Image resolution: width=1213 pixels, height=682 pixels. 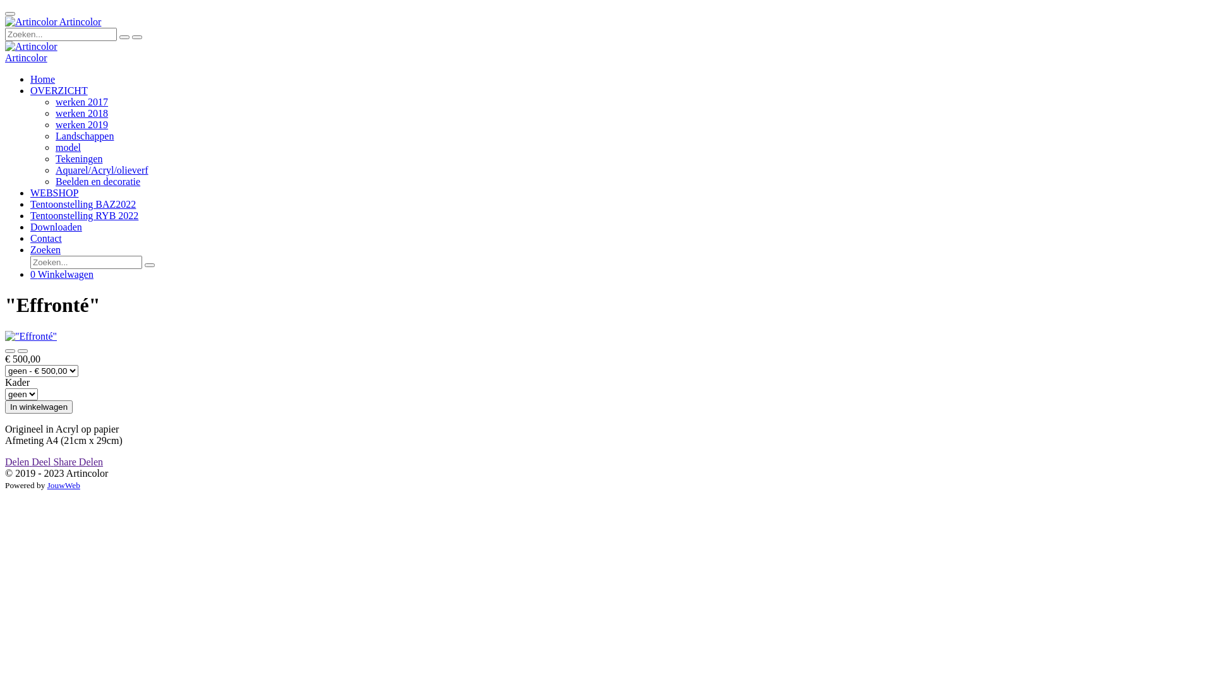 What do you see at coordinates (83, 215) in the screenshot?
I see `'Tentoonstelling RYB 2022'` at bounding box center [83, 215].